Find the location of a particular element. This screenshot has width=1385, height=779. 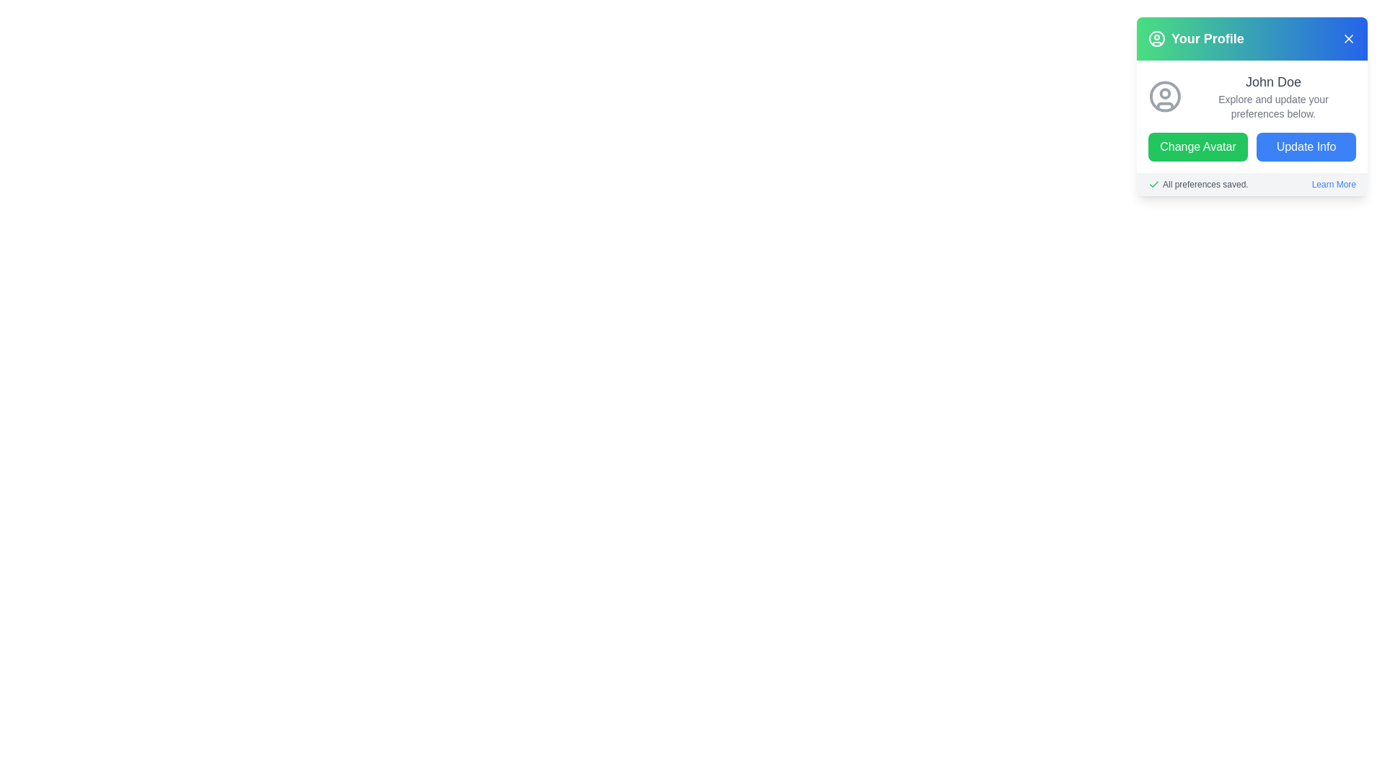

the 'X' button in the top-right corner of the modal dialog is located at coordinates (1348, 38).